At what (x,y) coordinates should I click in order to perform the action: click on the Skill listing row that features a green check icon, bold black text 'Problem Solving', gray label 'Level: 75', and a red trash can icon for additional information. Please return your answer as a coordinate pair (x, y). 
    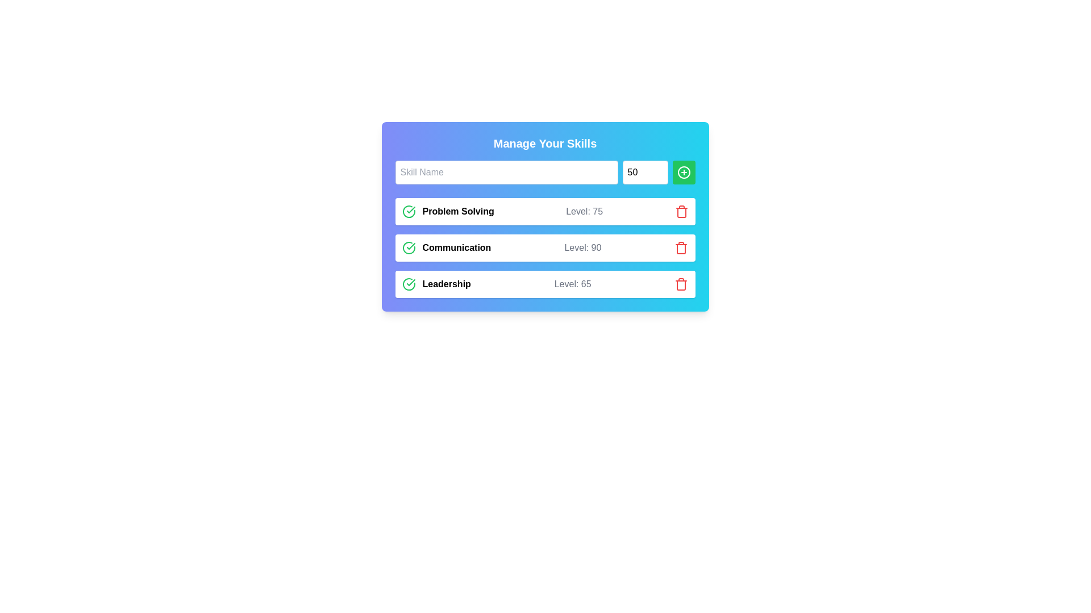
    Looking at the image, I should click on (544, 212).